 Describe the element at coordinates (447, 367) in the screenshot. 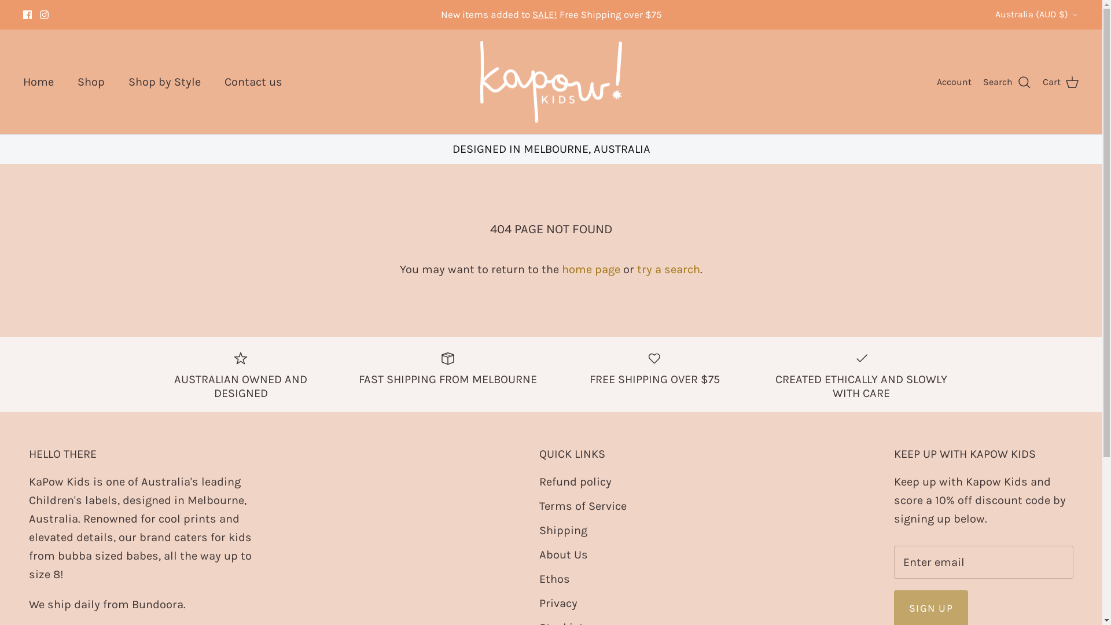

I see `'FAST SHIPPING FROM MELBOURNE'` at that location.